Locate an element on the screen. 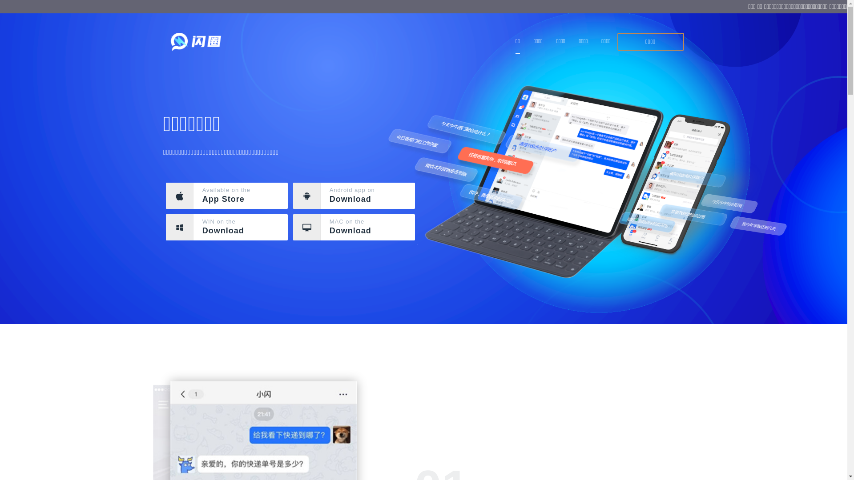 This screenshot has height=480, width=854. 'MAC on the is located at coordinates (293, 227).